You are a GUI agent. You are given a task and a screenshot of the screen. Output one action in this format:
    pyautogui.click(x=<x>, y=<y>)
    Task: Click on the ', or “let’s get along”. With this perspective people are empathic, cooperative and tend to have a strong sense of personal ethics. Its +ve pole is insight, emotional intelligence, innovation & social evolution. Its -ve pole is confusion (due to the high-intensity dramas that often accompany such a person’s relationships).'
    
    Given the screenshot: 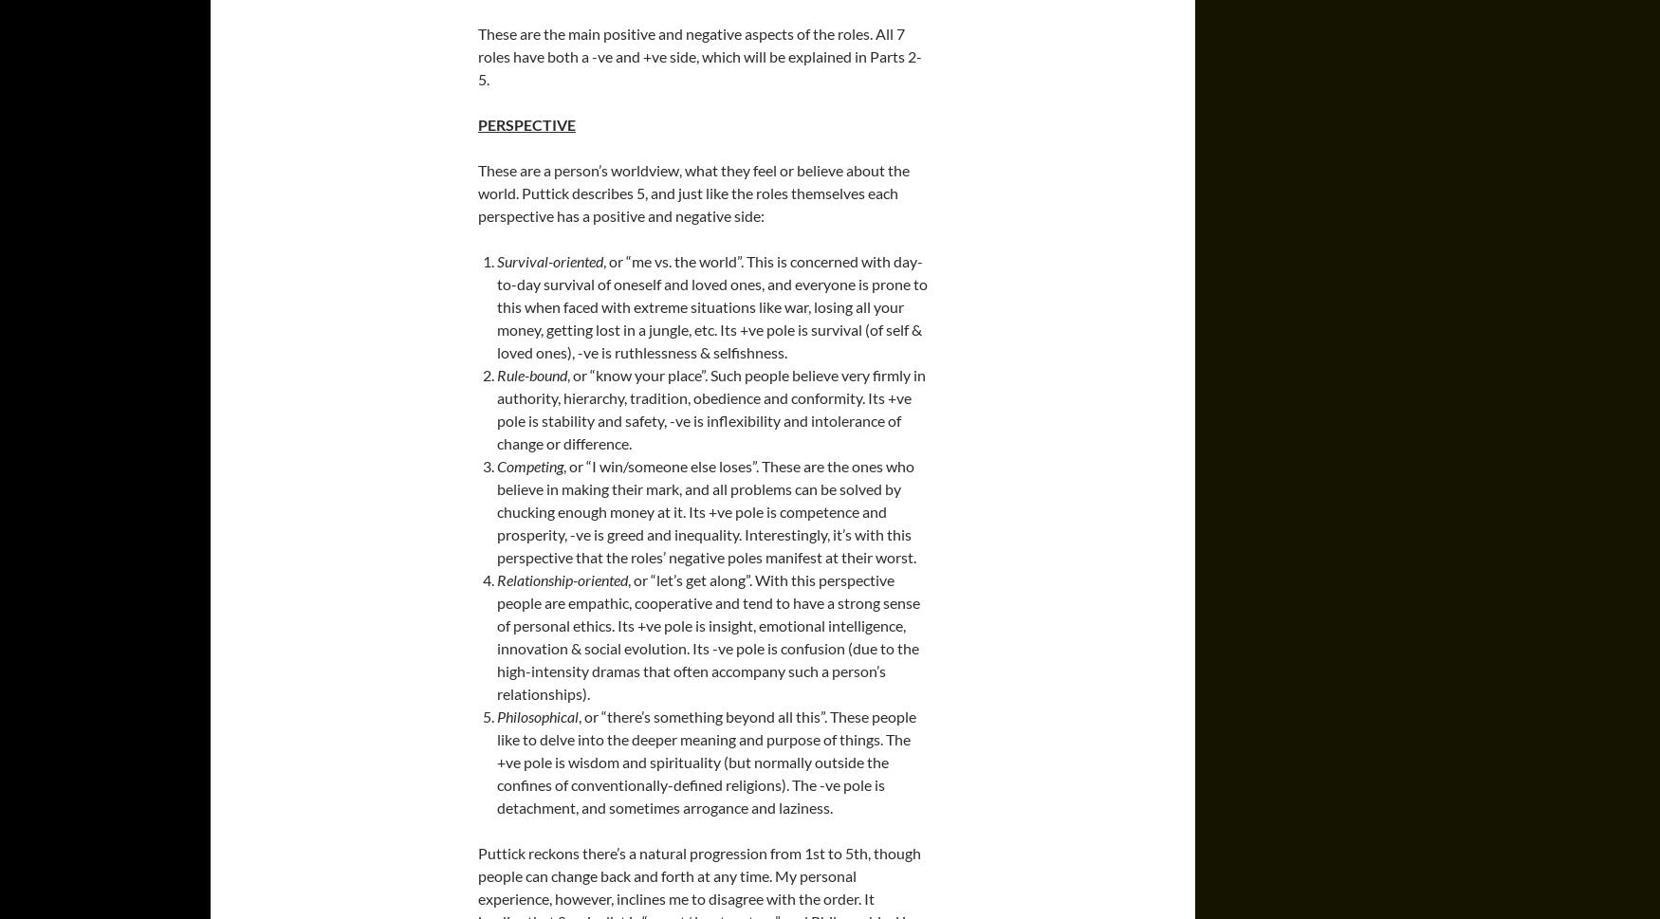 What is the action you would take?
    pyautogui.click(x=495, y=635)
    